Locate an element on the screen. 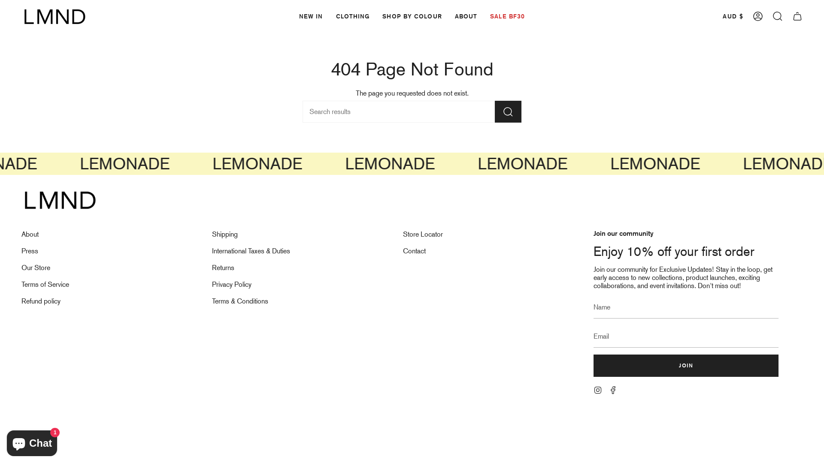 Image resolution: width=824 pixels, height=463 pixels. 'SALE BF30' is located at coordinates (507, 16).